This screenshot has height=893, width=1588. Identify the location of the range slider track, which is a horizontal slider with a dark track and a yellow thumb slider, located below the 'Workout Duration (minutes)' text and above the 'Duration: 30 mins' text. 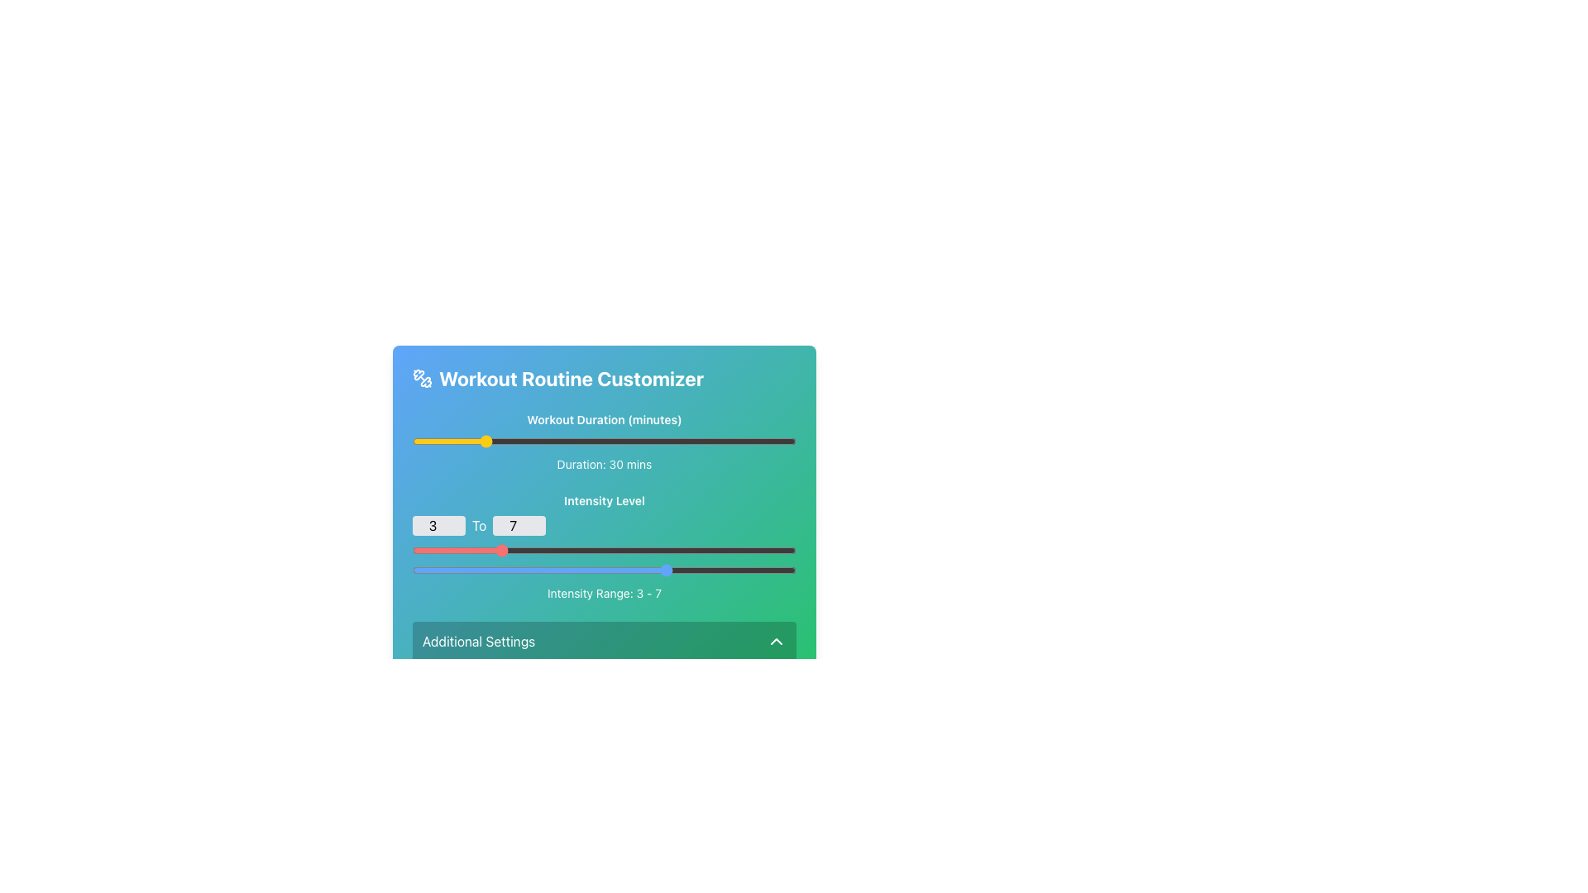
(603, 440).